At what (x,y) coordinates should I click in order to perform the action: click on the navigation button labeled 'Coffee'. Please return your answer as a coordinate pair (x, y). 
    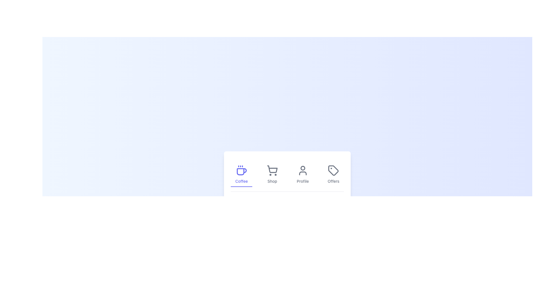
    Looking at the image, I should click on (242, 174).